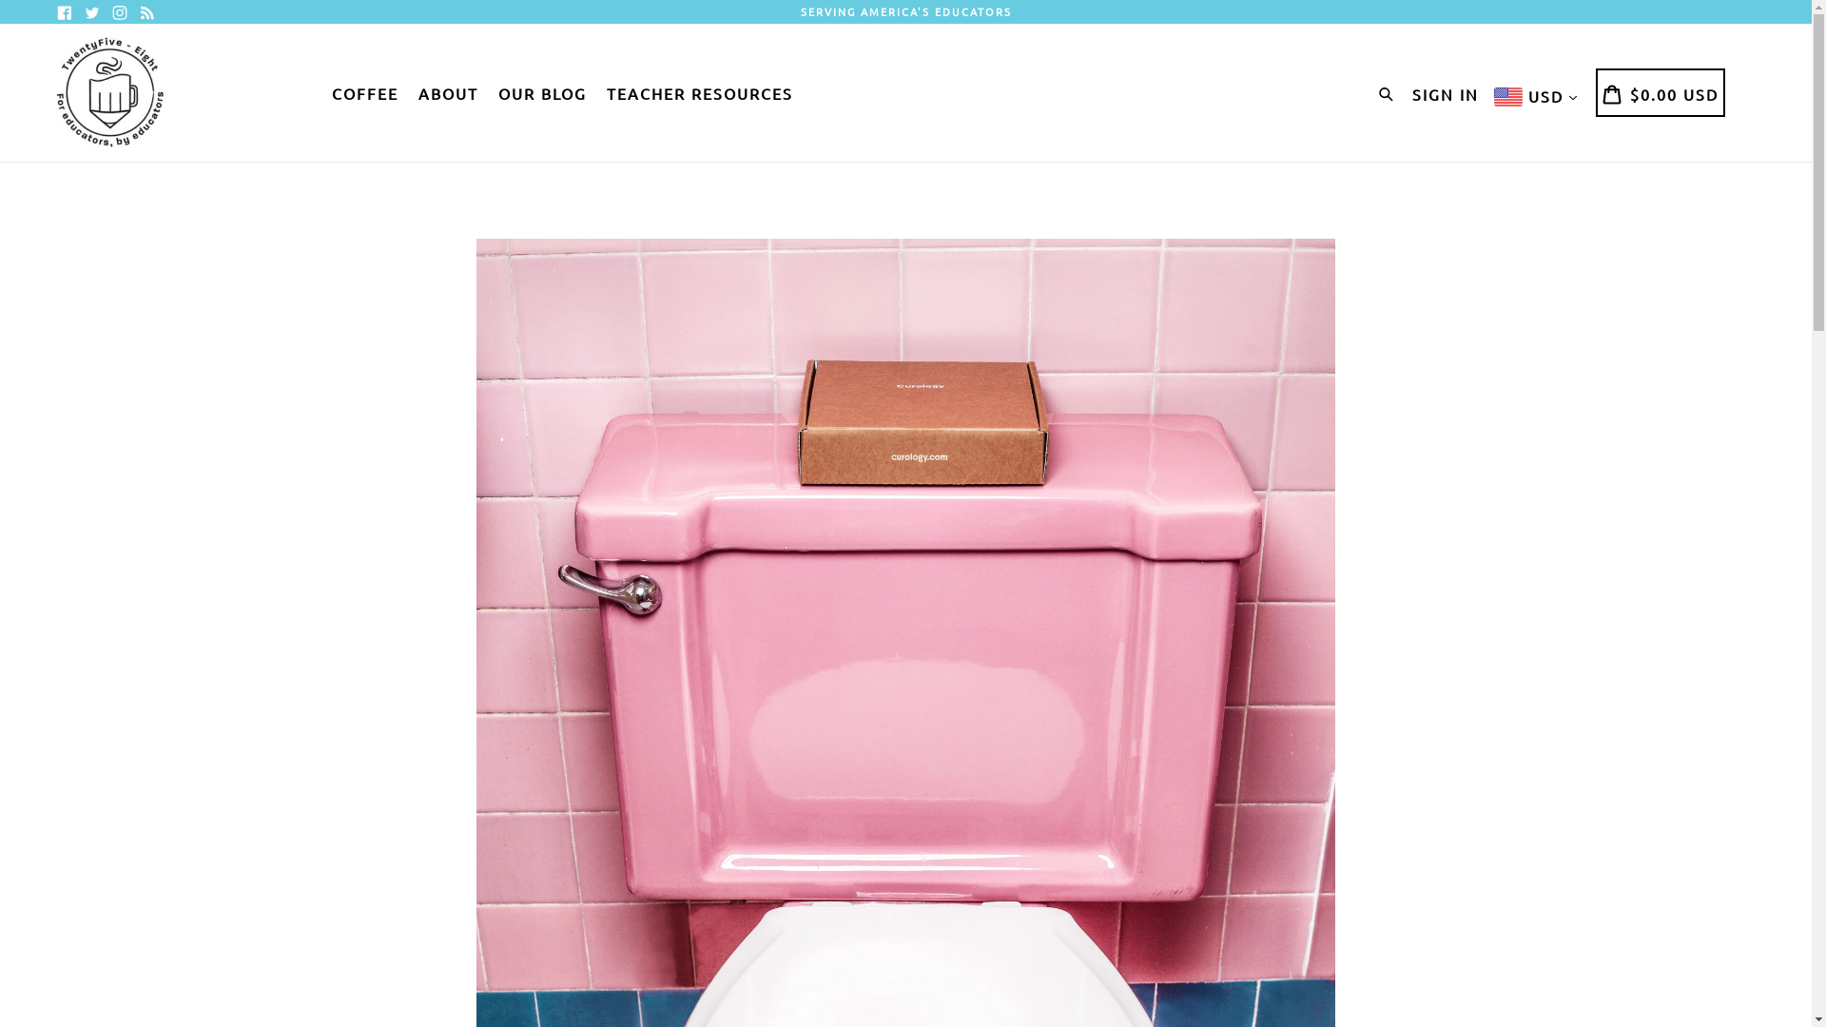 Image resolution: width=1826 pixels, height=1027 pixels. Describe the element at coordinates (365, 92) in the screenshot. I see `'COFFEE'` at that location.